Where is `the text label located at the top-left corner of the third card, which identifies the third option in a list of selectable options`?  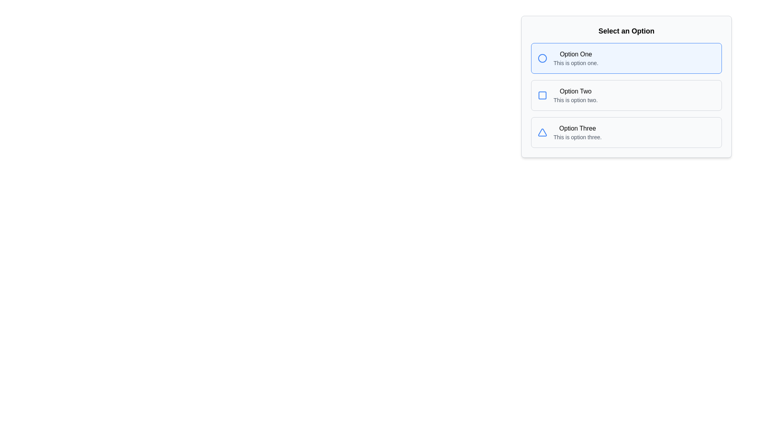 the text label located at the top-left corner of the third card, which identifies the third option in a list of selectable options is located at coordinates (578, 128).